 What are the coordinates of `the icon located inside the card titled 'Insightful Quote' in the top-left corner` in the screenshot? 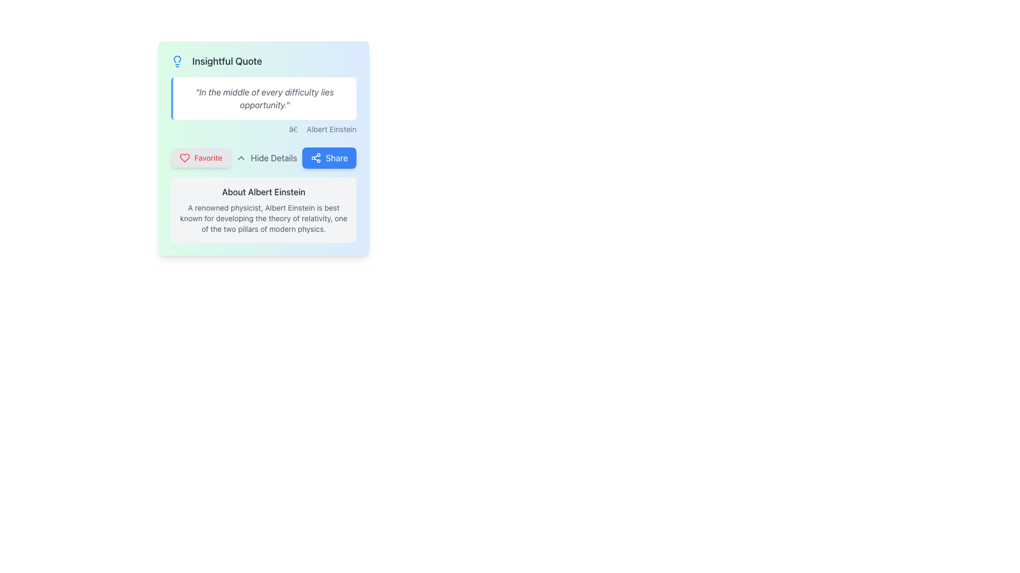 It's located at (177, 61).